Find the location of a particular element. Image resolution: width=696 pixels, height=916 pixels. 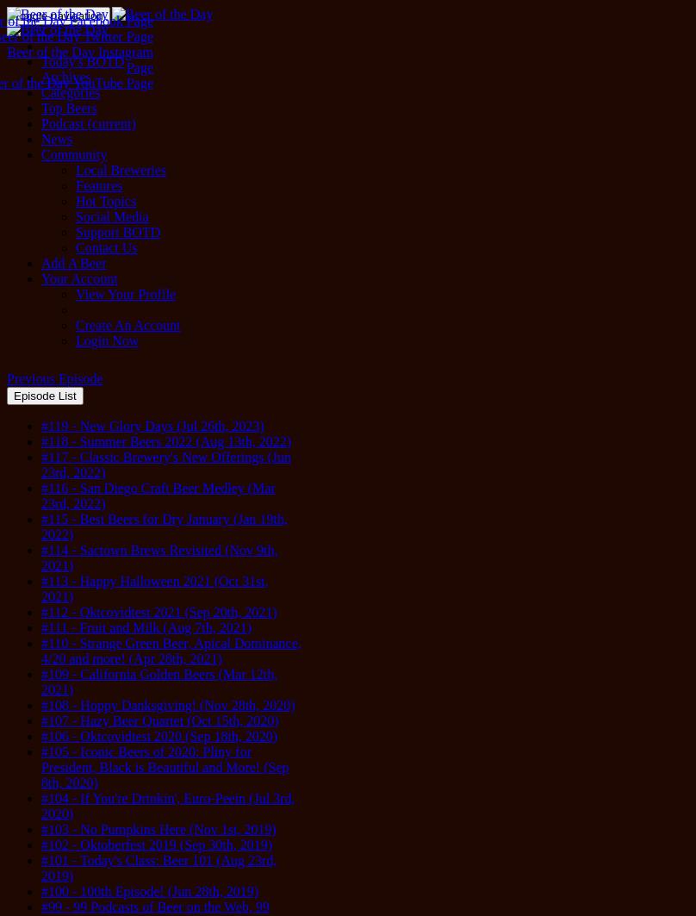

'#100 - 100th Episode! (Jun 28th, 2019)' is located at coordinates (148, 890).